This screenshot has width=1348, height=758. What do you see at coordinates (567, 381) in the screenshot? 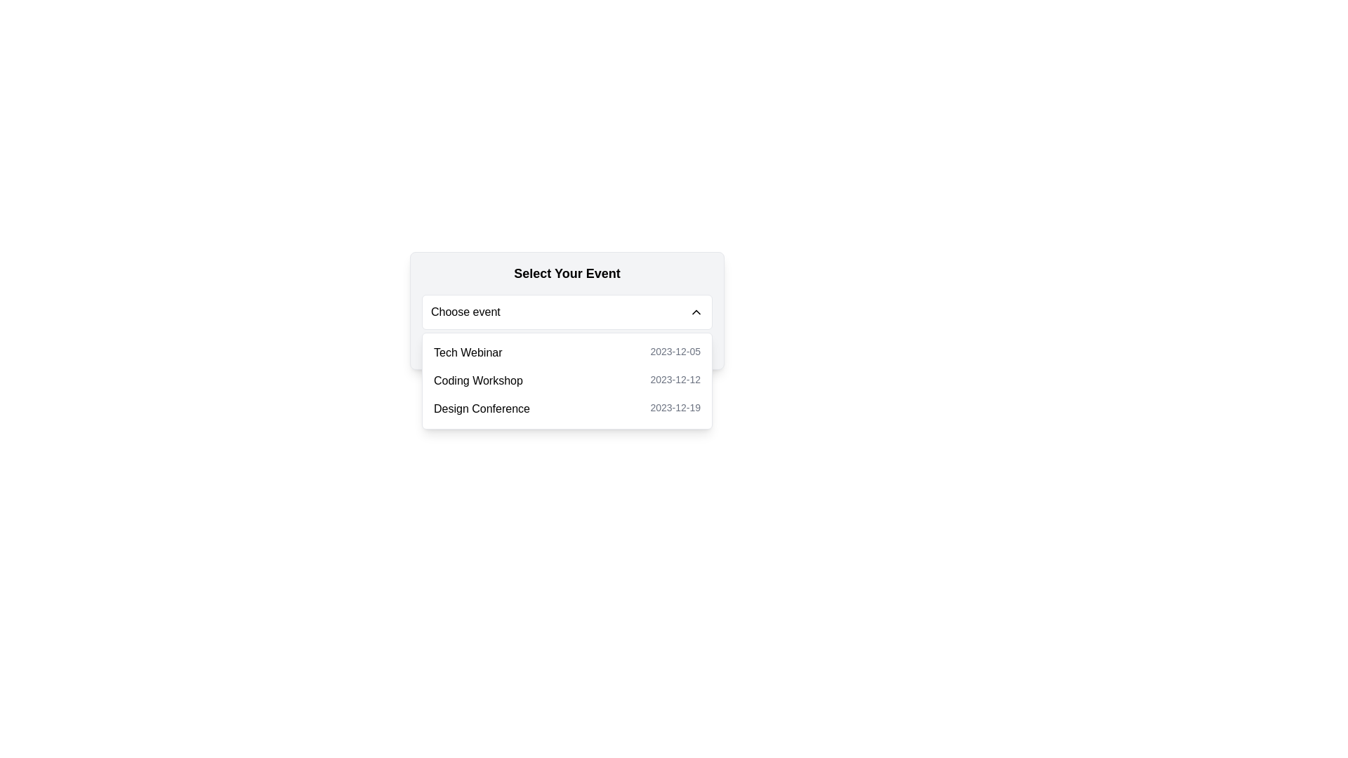
I see `the 'Coding Workshop' dropdown option` at bounding box center [567, 381].